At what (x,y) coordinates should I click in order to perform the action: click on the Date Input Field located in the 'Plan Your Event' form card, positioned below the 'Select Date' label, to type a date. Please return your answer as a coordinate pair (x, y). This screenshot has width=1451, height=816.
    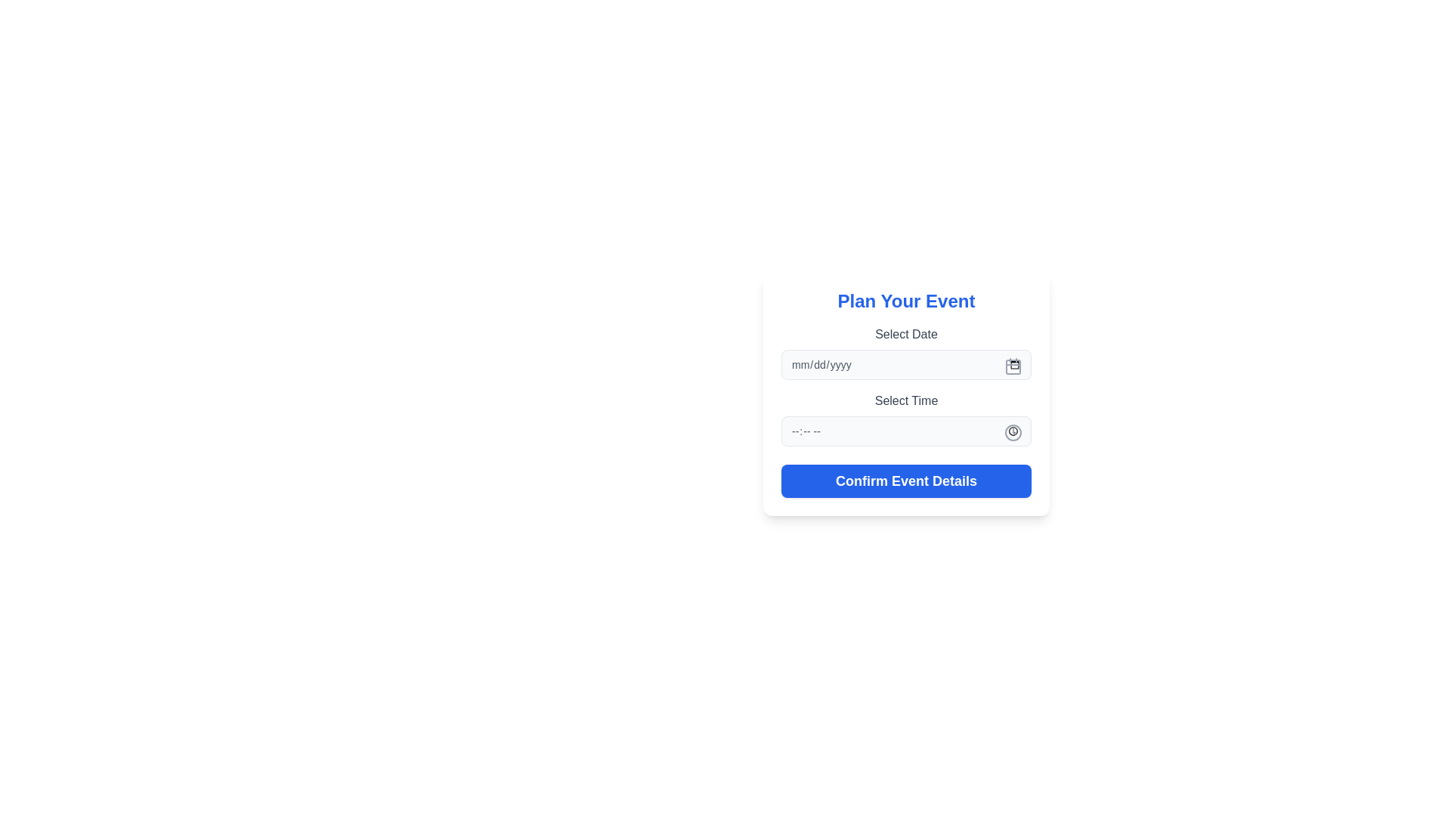
    Looking at the image, I should click on (906, 364).